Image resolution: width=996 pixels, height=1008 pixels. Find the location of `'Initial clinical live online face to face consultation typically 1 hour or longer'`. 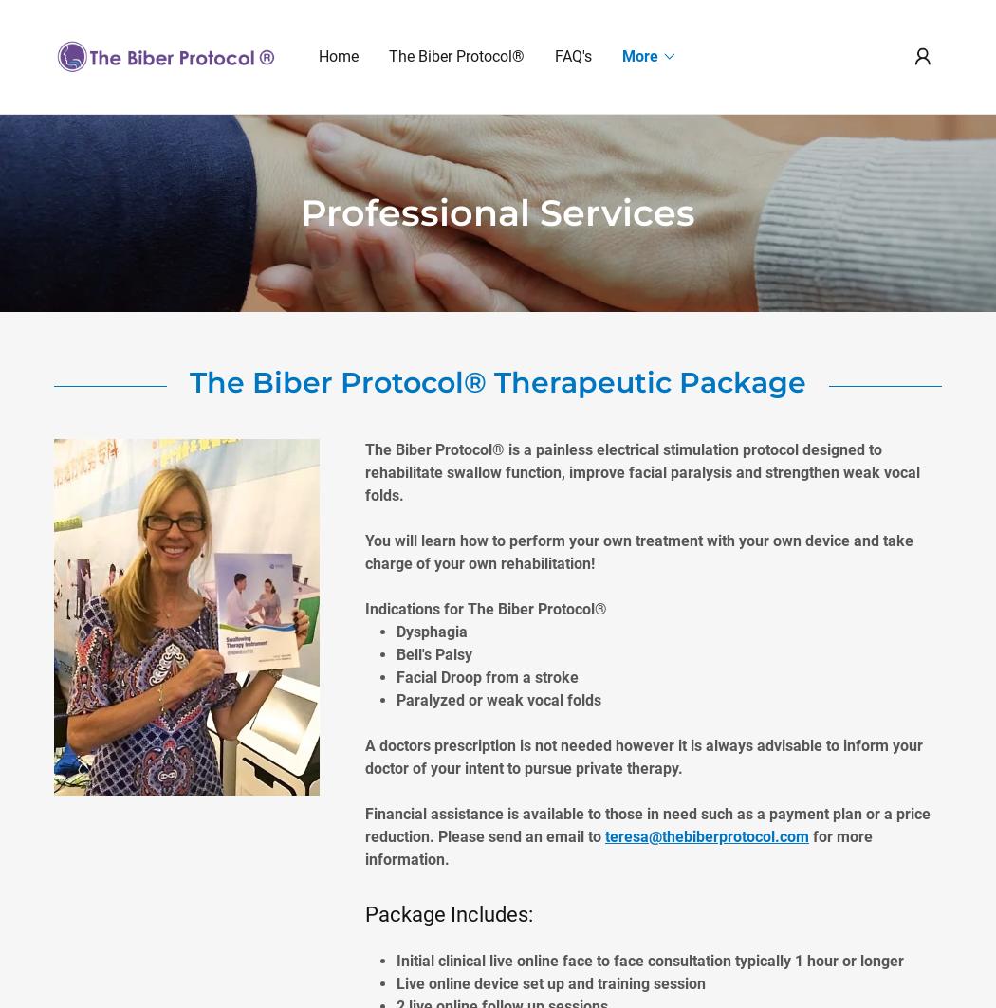

'Initial clinical live online face to face consultation typically 1 hour or longer' is located at coordinates (651, 960).